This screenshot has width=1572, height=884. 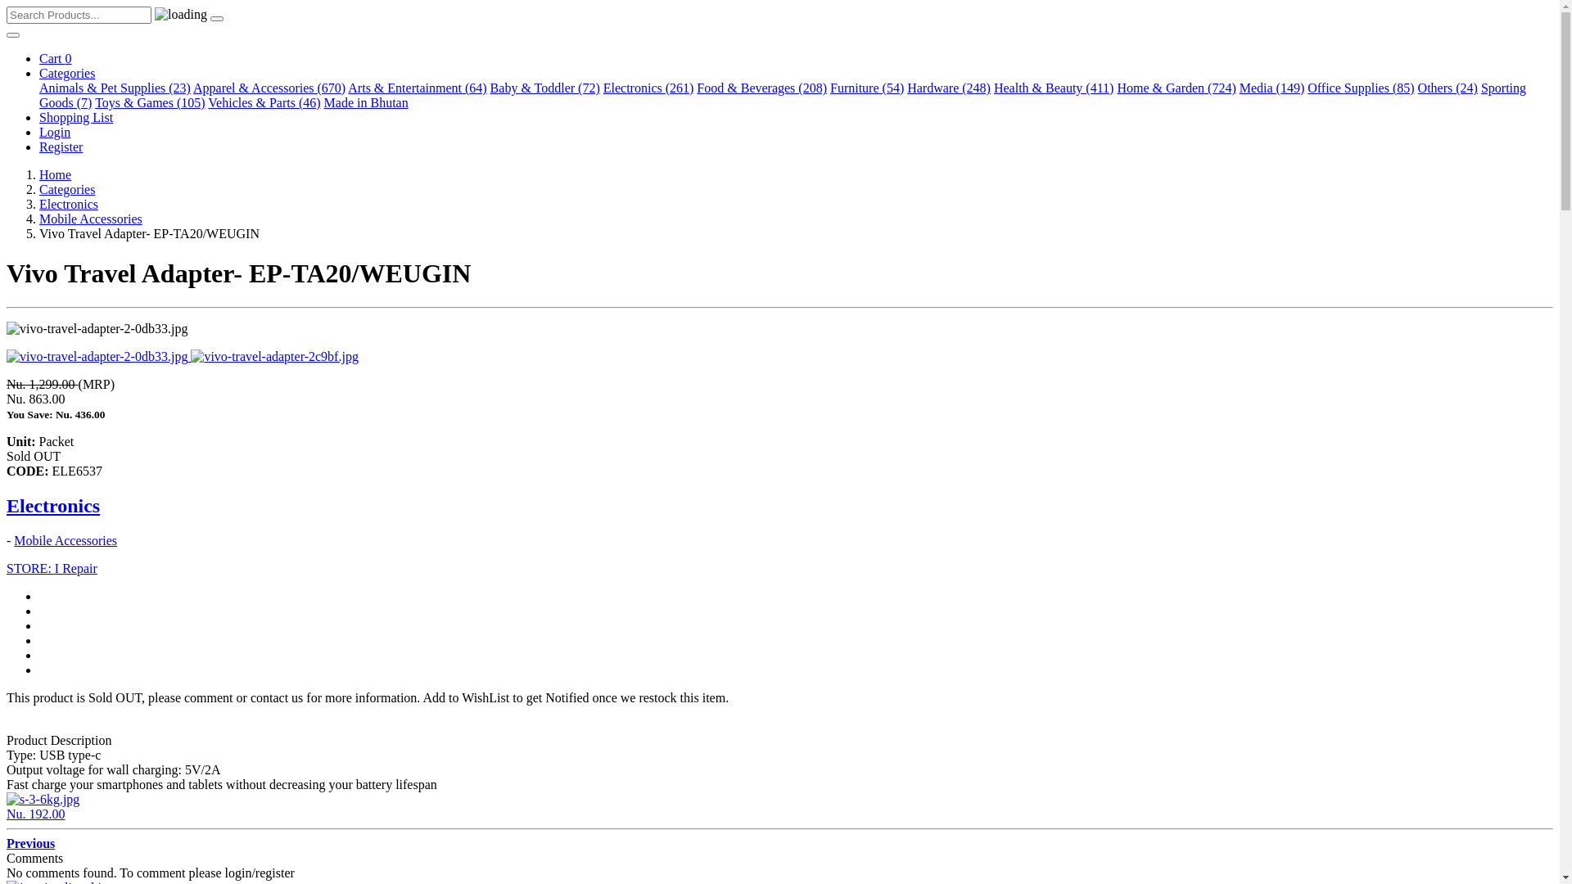 I want to click on 'Others (24)', so click(x=1448, y=88).